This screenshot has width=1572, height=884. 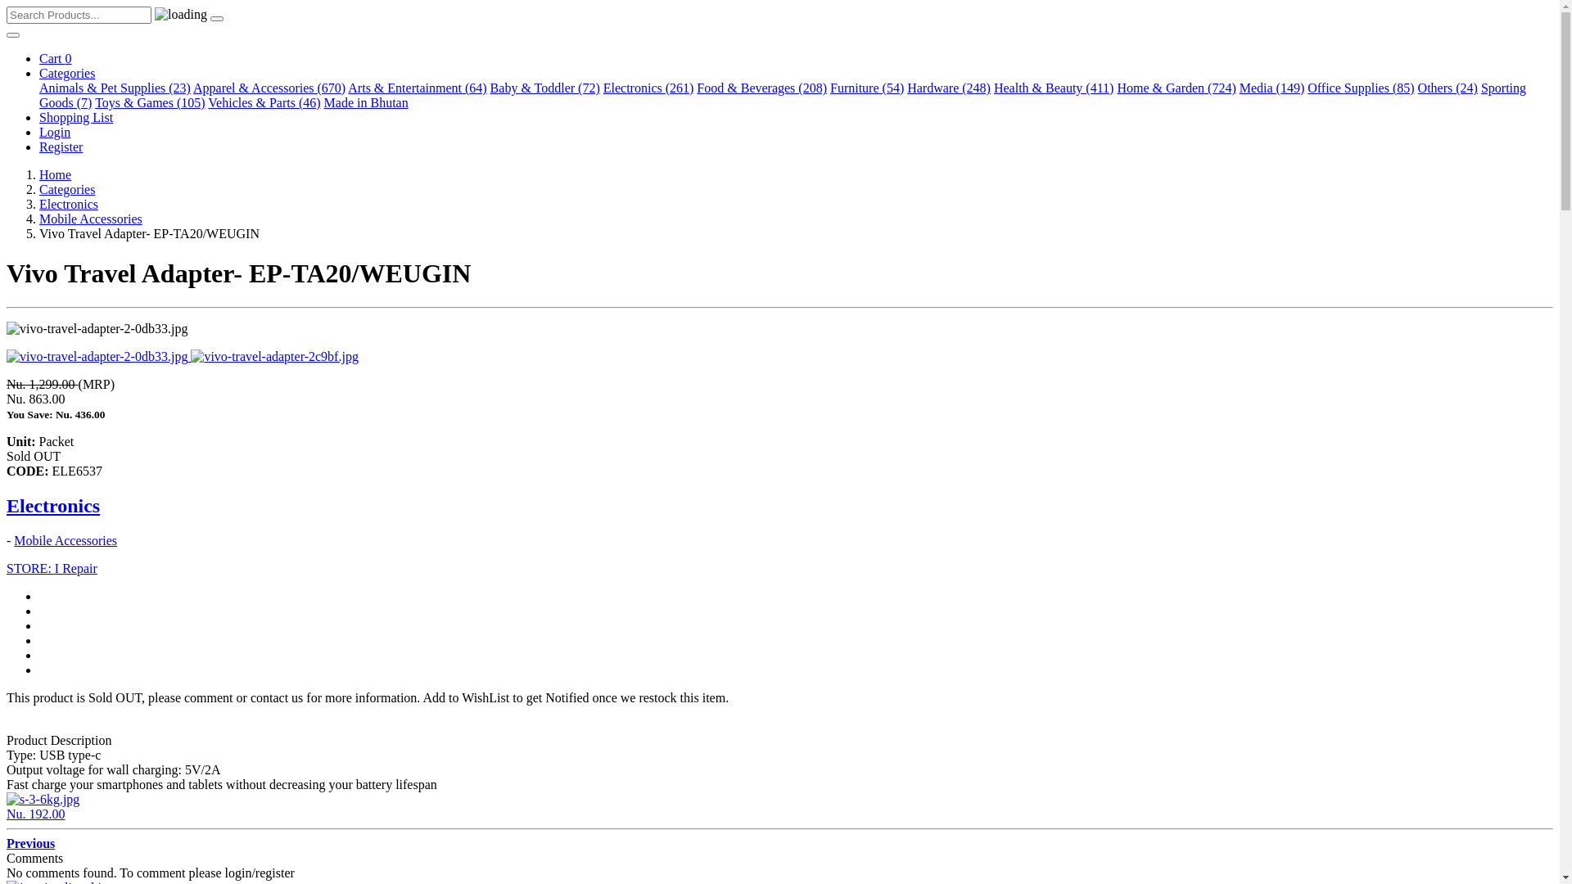 I want to click on 'Others (24)', so click(x=1448, y=88).